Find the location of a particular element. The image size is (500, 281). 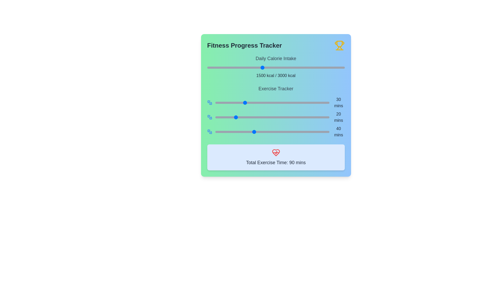

daily calorie intake is located at coordinates (254, 67).